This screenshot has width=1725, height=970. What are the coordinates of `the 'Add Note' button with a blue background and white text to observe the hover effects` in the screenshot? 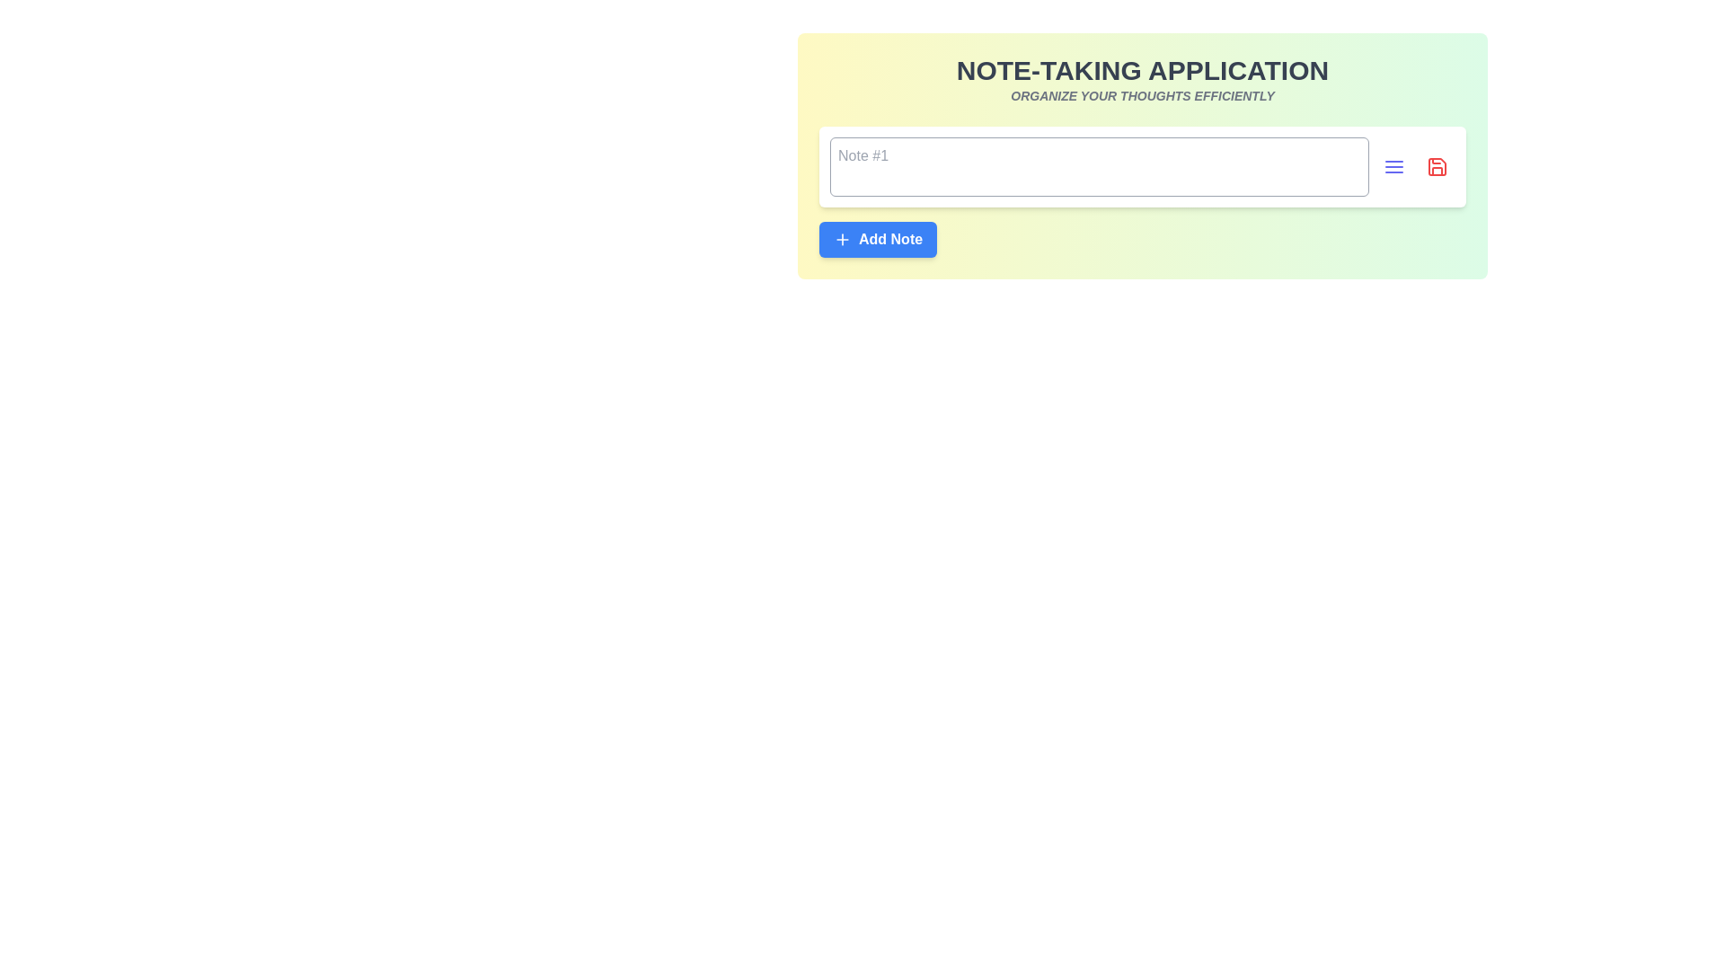 It's located at (878, 238).